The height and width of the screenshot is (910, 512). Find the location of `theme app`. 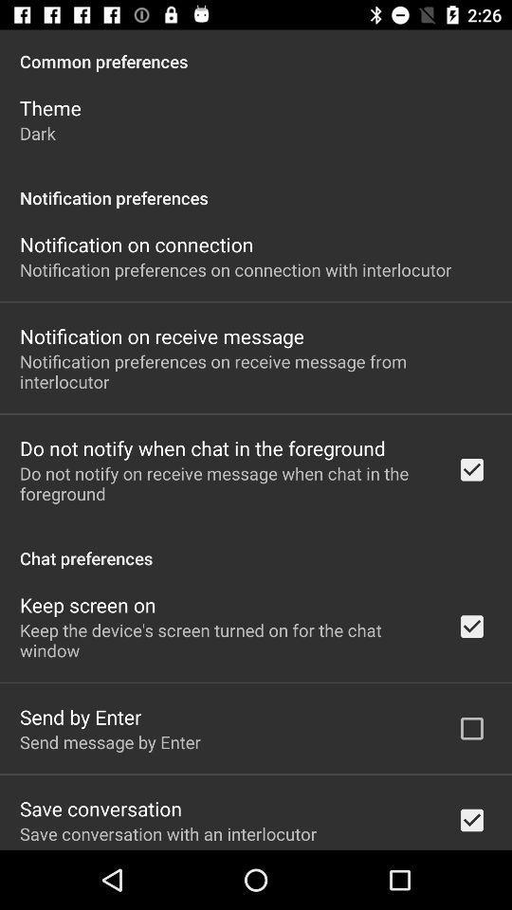

theme app is located at coordinates (50, 108).